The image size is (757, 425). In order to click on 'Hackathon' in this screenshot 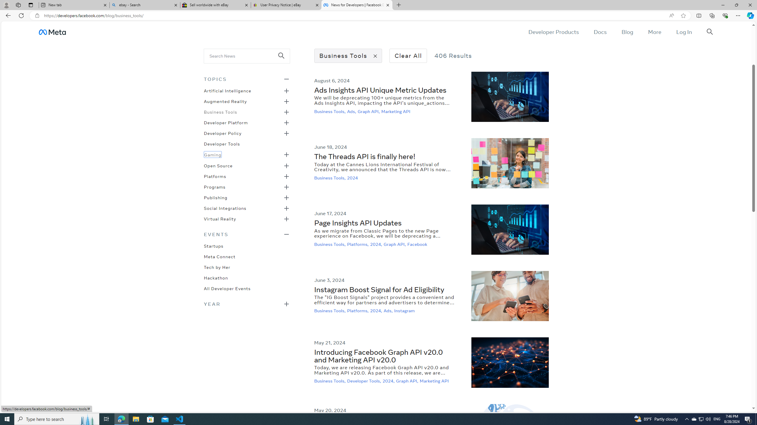, I will do `click(216, 277)`.